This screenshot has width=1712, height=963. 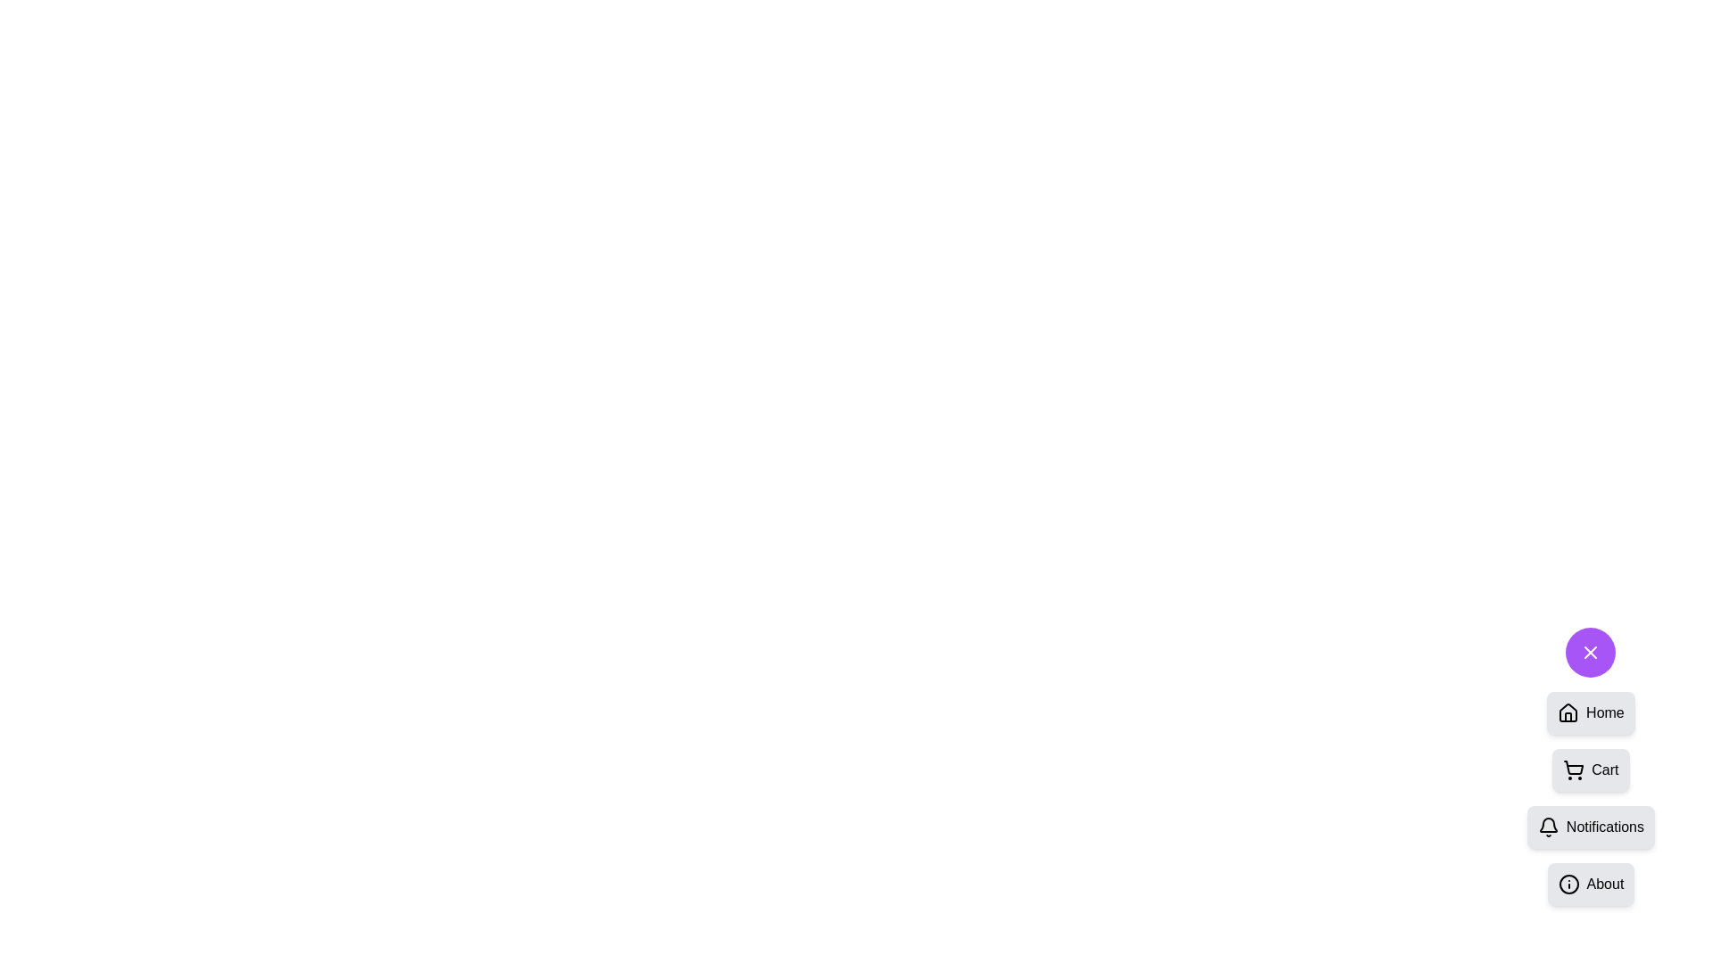 What do you see at coordinates (1591, 712) in the screenshot?
I see `the SpeedDial item labeled 'Home' to observe its hover effect` at bounding box center [1591, 712].